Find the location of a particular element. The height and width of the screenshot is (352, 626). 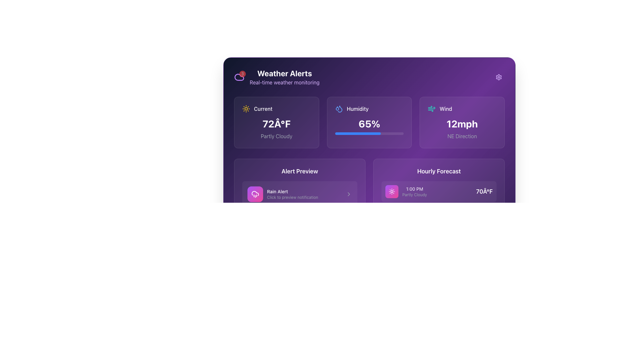

the Text label that displays the forecasted weather condition and time, located at the bottom-right of the 'Hourly Forecast' section, positioned between a sun icon and temperature information is located at coordinates (414, 191).